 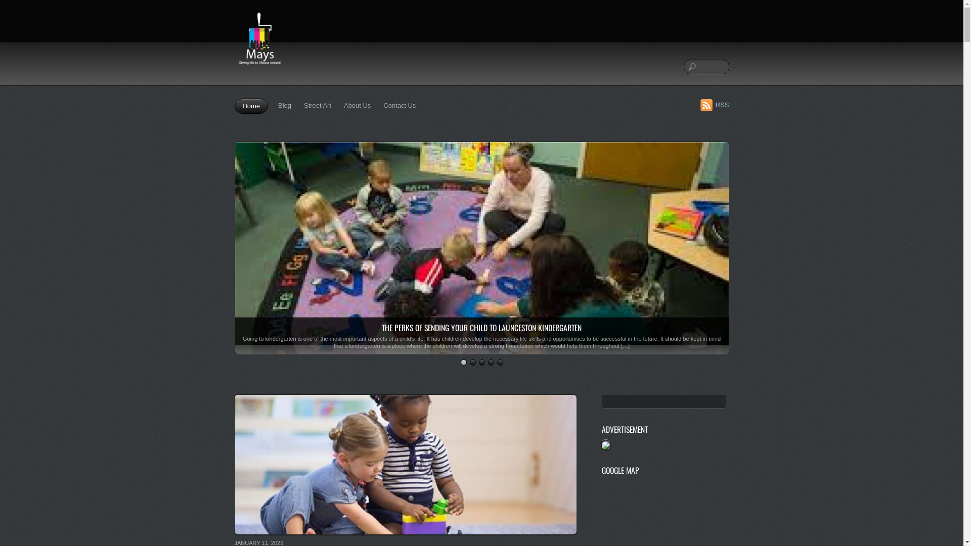 What do you see at coordinates (488, 362) in the screenshot?
I see `'4'` at bounding box center [488, 362].